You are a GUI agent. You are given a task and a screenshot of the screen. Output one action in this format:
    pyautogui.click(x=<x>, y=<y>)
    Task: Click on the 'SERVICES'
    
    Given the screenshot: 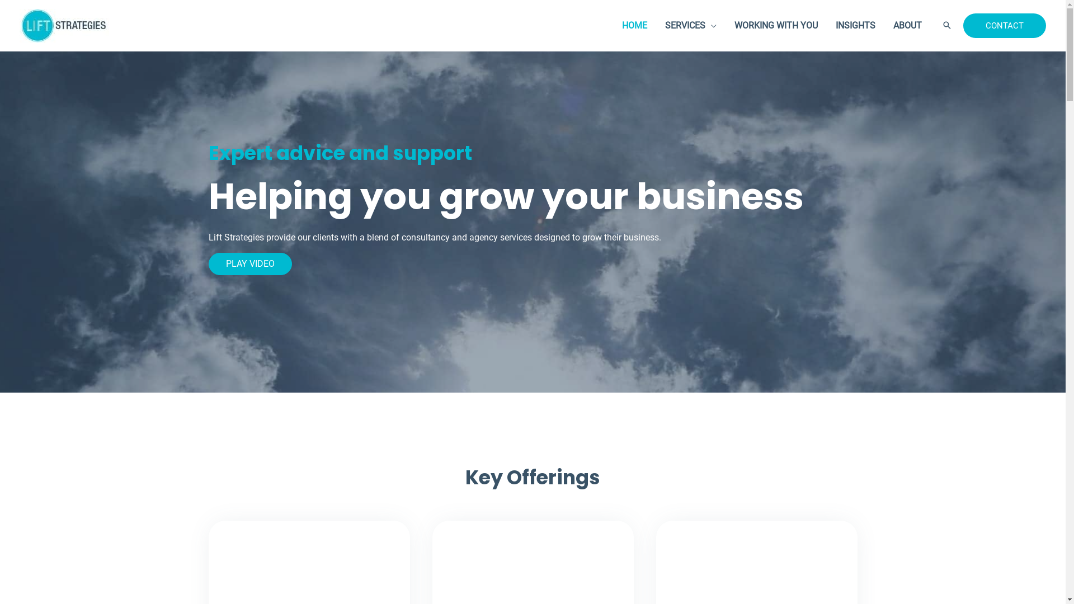 What is the action you would take?
    pyautogui.click(x=656, y=25)
    